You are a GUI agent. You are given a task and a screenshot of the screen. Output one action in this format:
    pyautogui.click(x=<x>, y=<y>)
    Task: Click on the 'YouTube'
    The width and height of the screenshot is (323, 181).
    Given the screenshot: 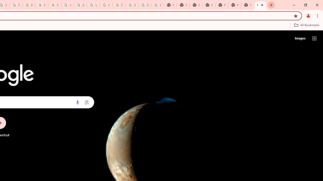 What is the action you would take?
    pyautogui.click(x=67, y=5)
    